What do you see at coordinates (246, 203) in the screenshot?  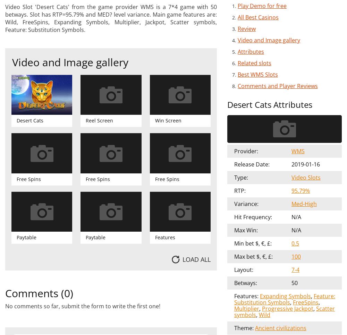 I see `'Variance:'` at bounding box center [246, 203].